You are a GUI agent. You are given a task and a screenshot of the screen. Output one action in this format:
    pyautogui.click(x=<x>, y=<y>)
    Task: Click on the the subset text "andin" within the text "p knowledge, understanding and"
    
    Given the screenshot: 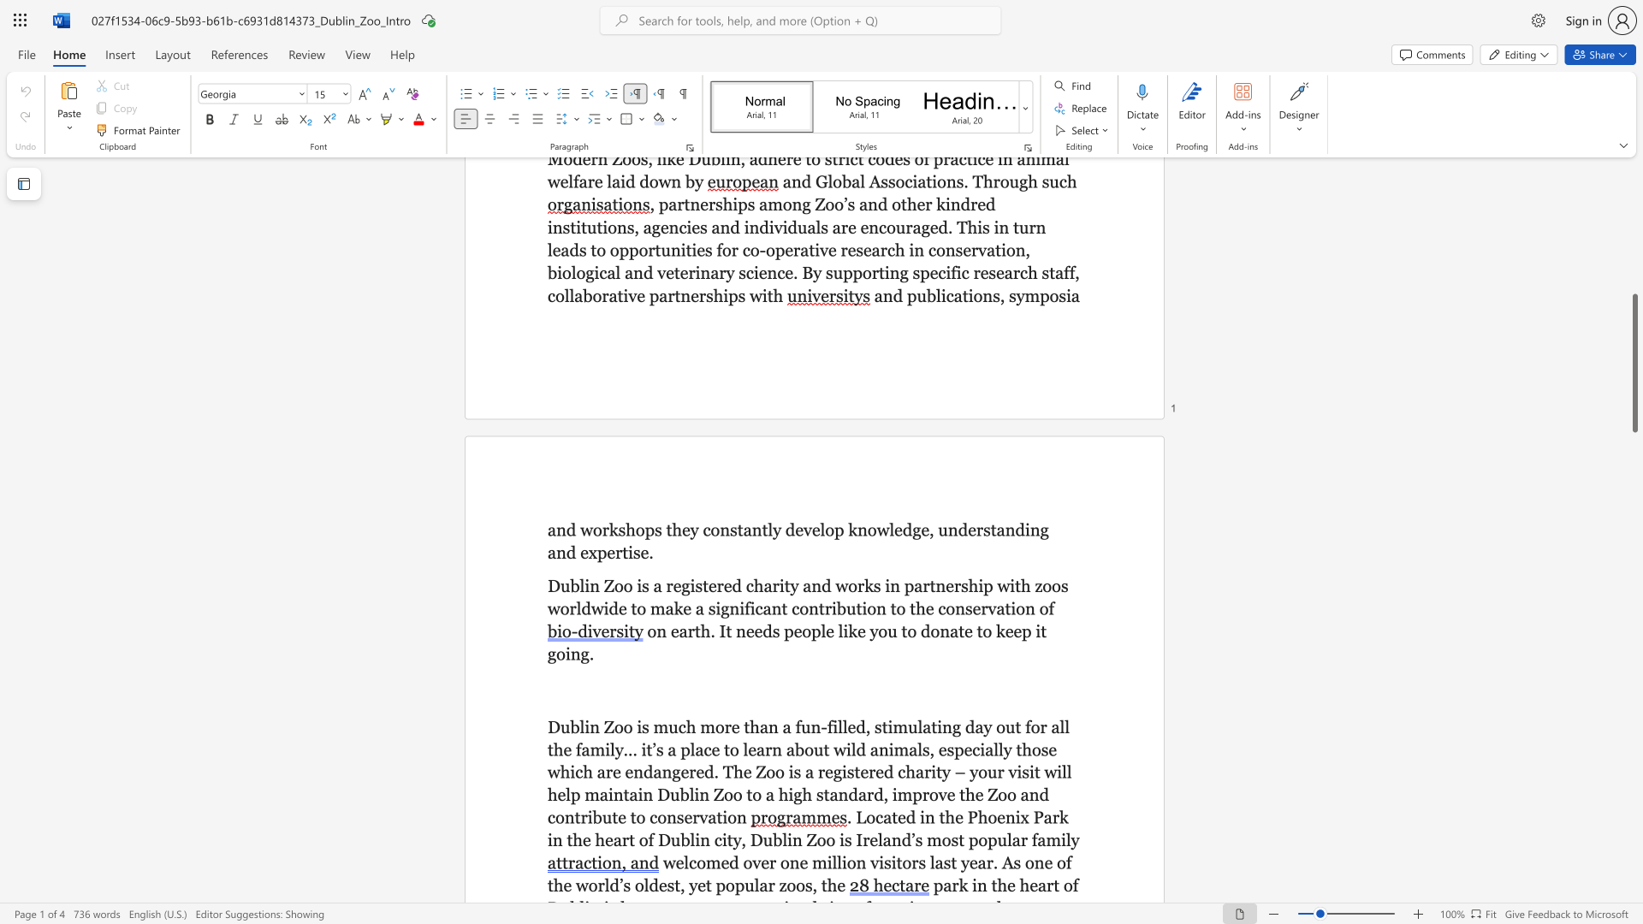 What is the action you would take?
    pyautogui.click(x=996, y=529)
    